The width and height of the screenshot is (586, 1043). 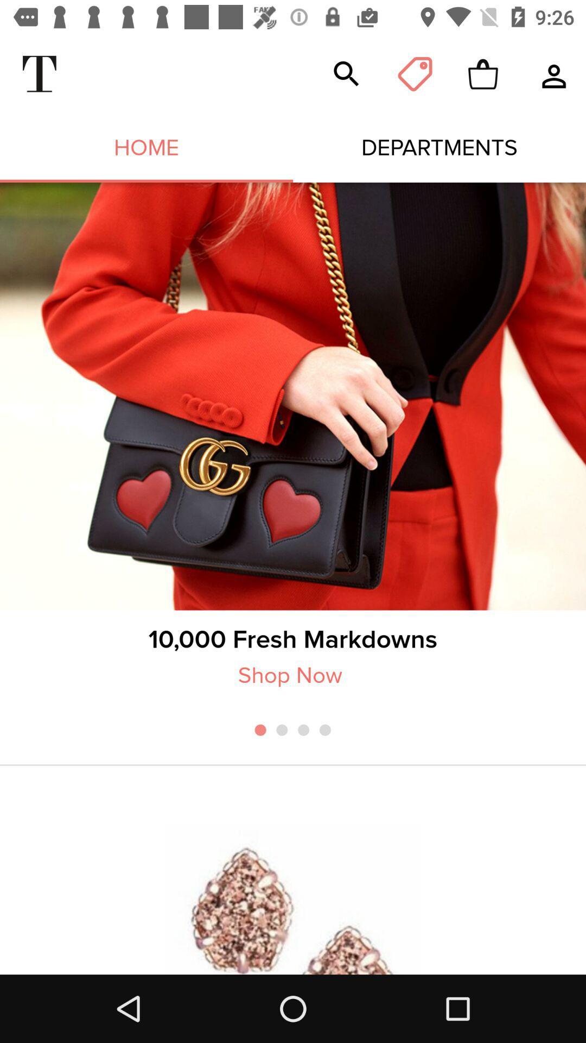 I want to click on item above departments, so click(x=415, y=73).